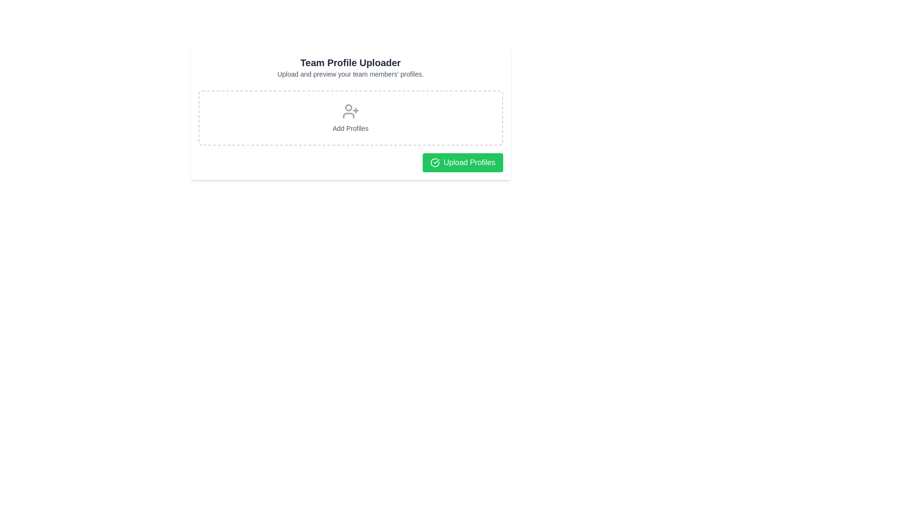 The height and width of the screenshot is (514, 914). I want to click on the Text Label that clarifies the purpose of the rectangular area for adding profiles, located below the user icon with a plus sign, so click(350, 128).